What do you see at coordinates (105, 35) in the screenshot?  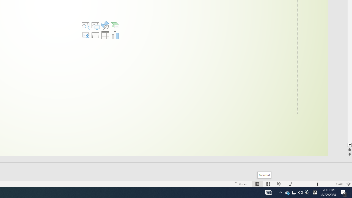 I see `'Insert Table'` at bounding box center [105, 35].